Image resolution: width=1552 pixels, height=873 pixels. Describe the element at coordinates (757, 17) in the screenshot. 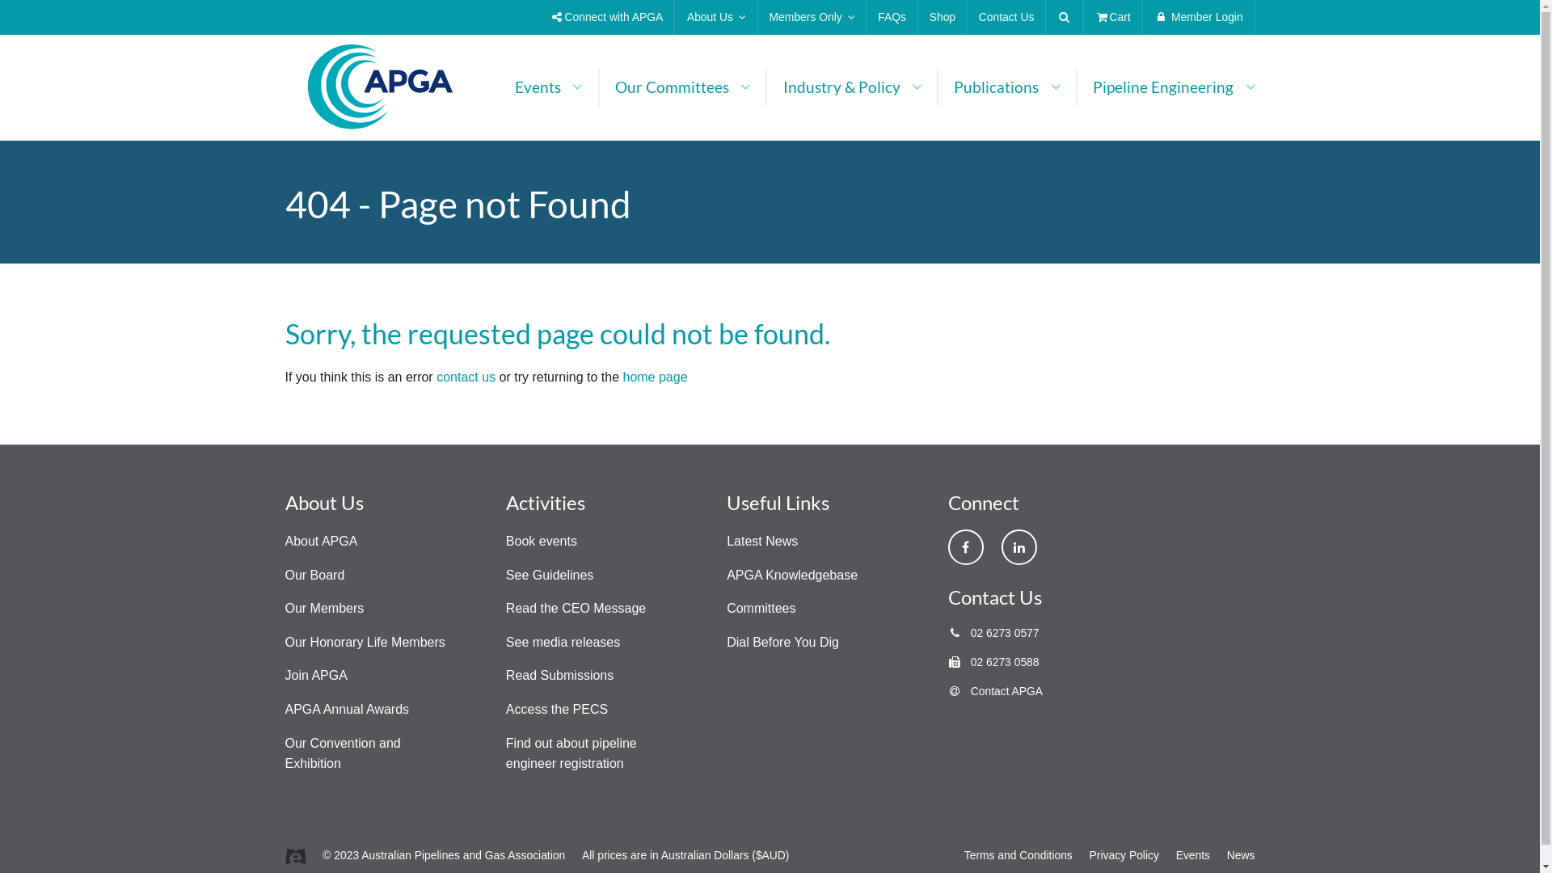

I see `'Members Only'` at that location.